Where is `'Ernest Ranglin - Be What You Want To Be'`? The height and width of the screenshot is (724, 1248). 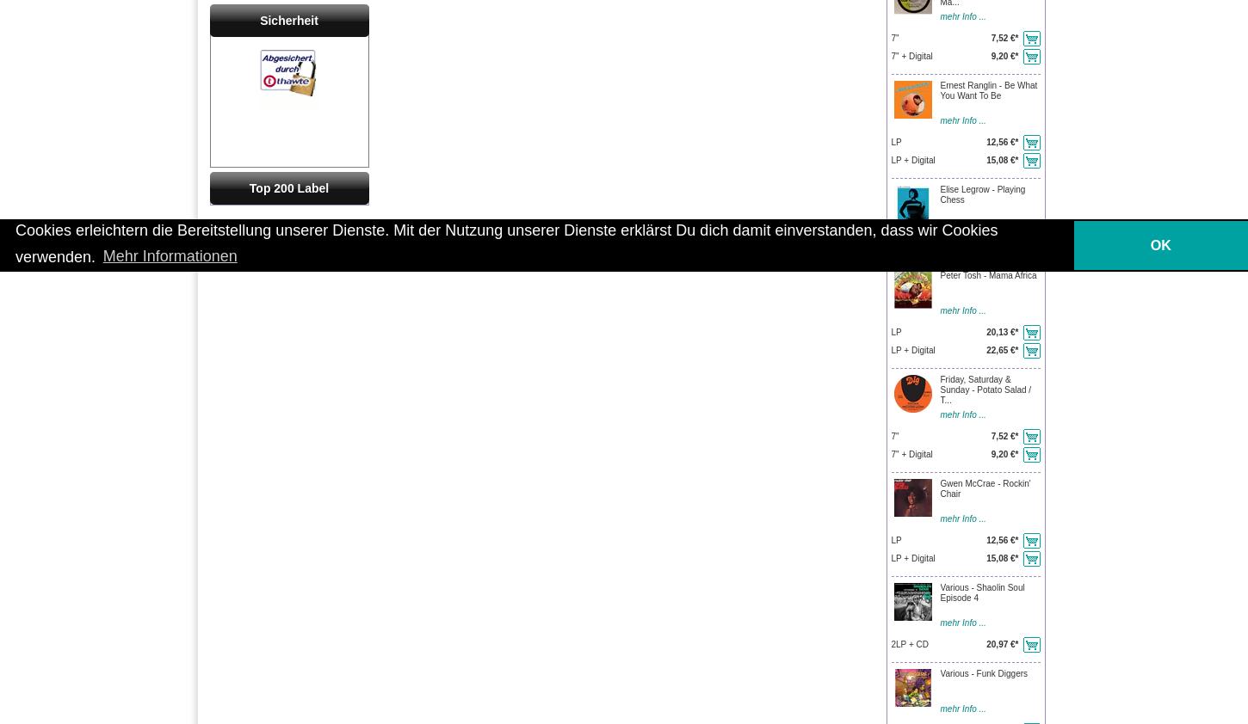 'Ernest Ranglin - Be What You Want To Be' is located at coordinates (987, 89).